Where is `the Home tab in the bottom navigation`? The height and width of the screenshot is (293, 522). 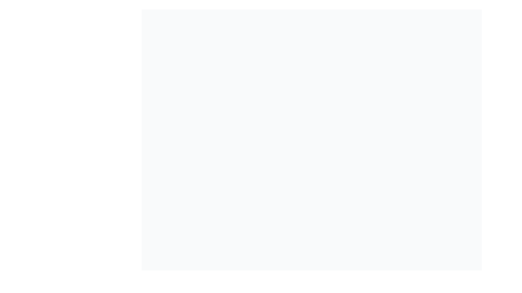 the Home tab in the bottom navigation is located at coordinates (294, 285).